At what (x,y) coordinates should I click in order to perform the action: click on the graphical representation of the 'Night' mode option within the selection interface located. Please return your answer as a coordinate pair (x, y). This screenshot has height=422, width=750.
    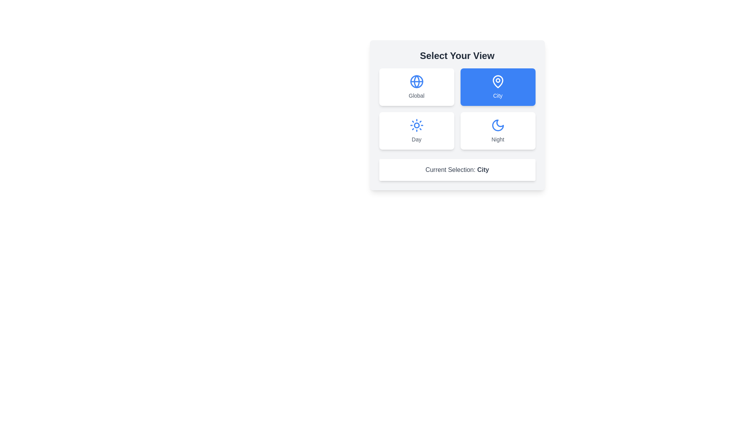
    Looking at the image, I should click on (497, 125).